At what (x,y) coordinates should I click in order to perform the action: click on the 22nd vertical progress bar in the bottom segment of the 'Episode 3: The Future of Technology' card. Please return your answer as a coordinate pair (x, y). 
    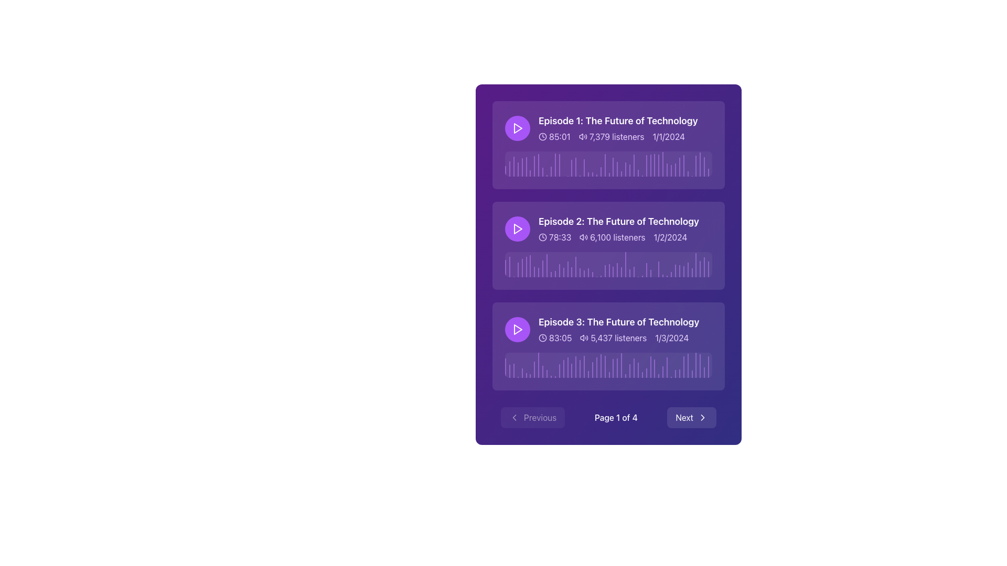
    Looking at the image, I should click on (592, 369).